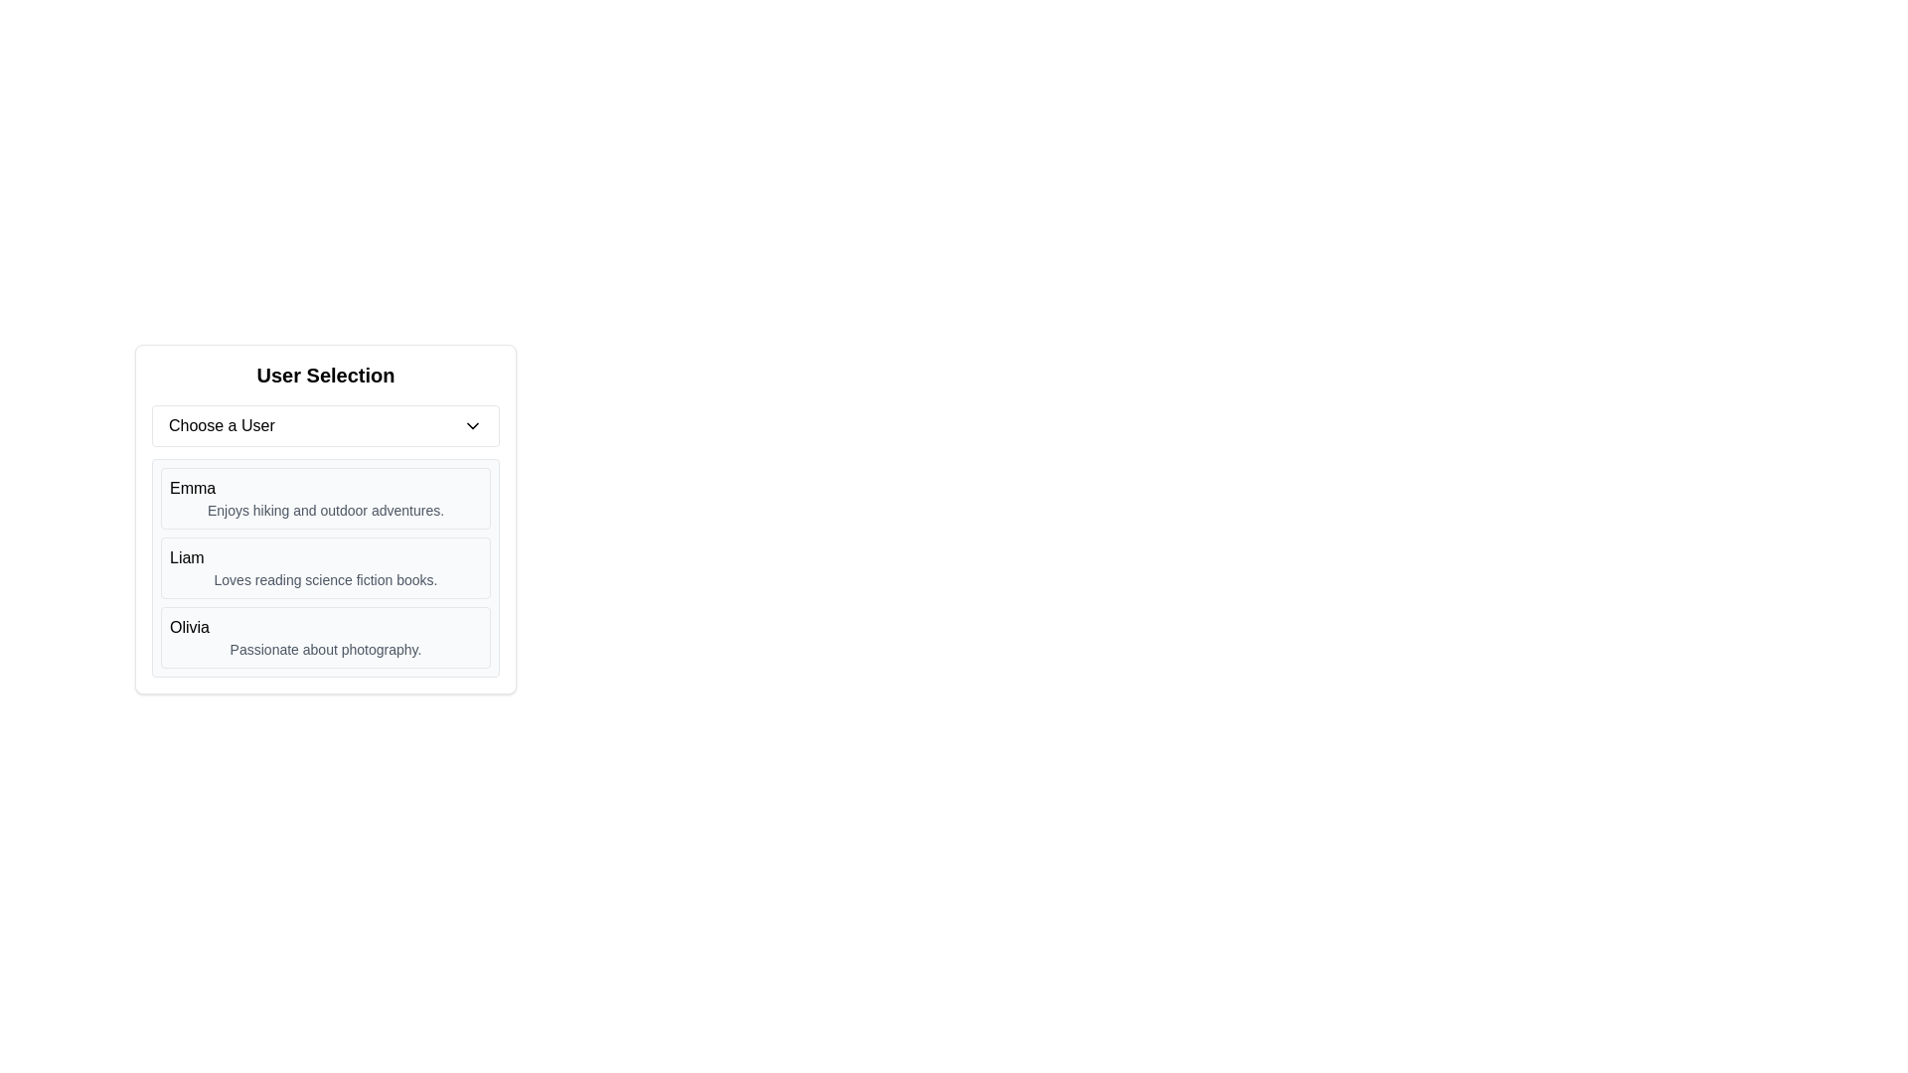 The width and height of the screenshot is (1908, 1073). Describe the element at coordinates (190, 628) in the screenshot. I see `the text element identifying the user named 'Olivia' within the user selection interface` at that location.